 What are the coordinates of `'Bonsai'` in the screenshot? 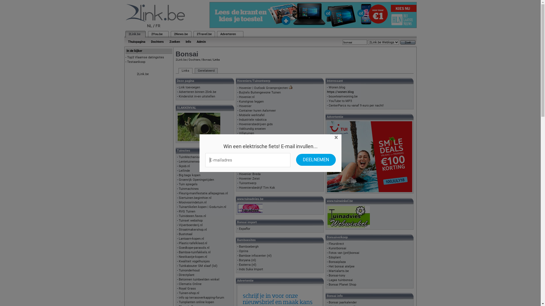 It's located at (206, 59).